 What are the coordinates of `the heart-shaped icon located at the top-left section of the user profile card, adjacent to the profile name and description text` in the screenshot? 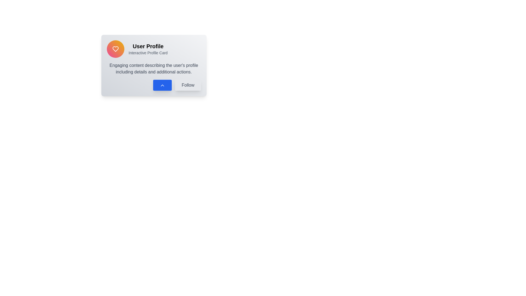 It's located at (115, 49).